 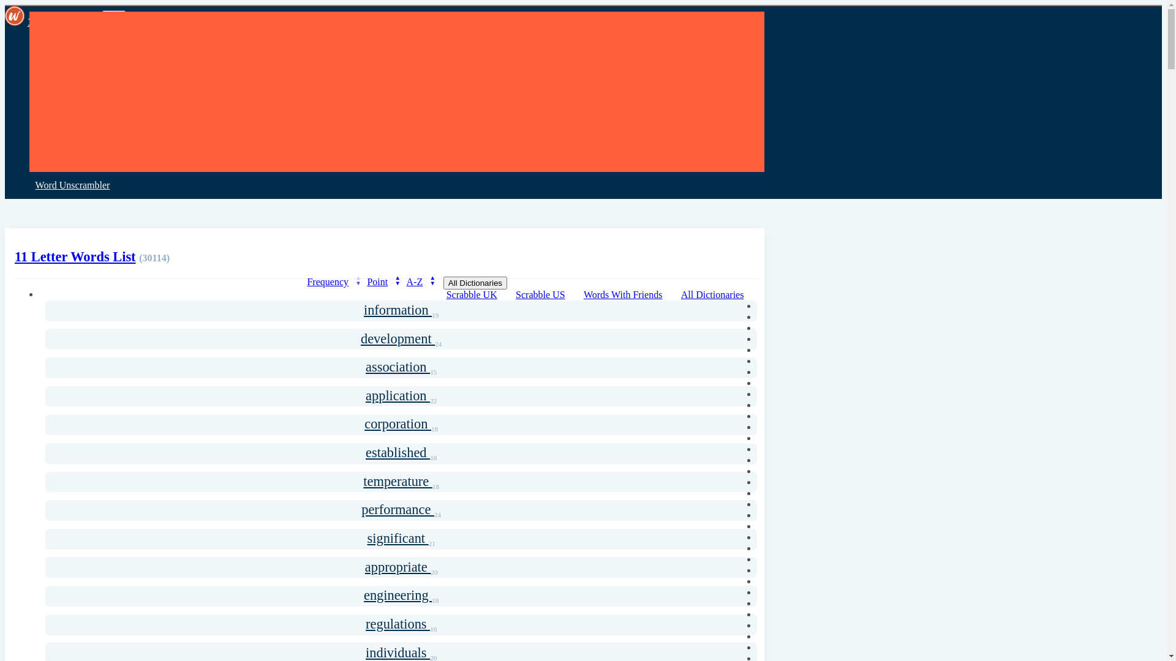 I want to click on 'Point', so click(x=384, y=282).